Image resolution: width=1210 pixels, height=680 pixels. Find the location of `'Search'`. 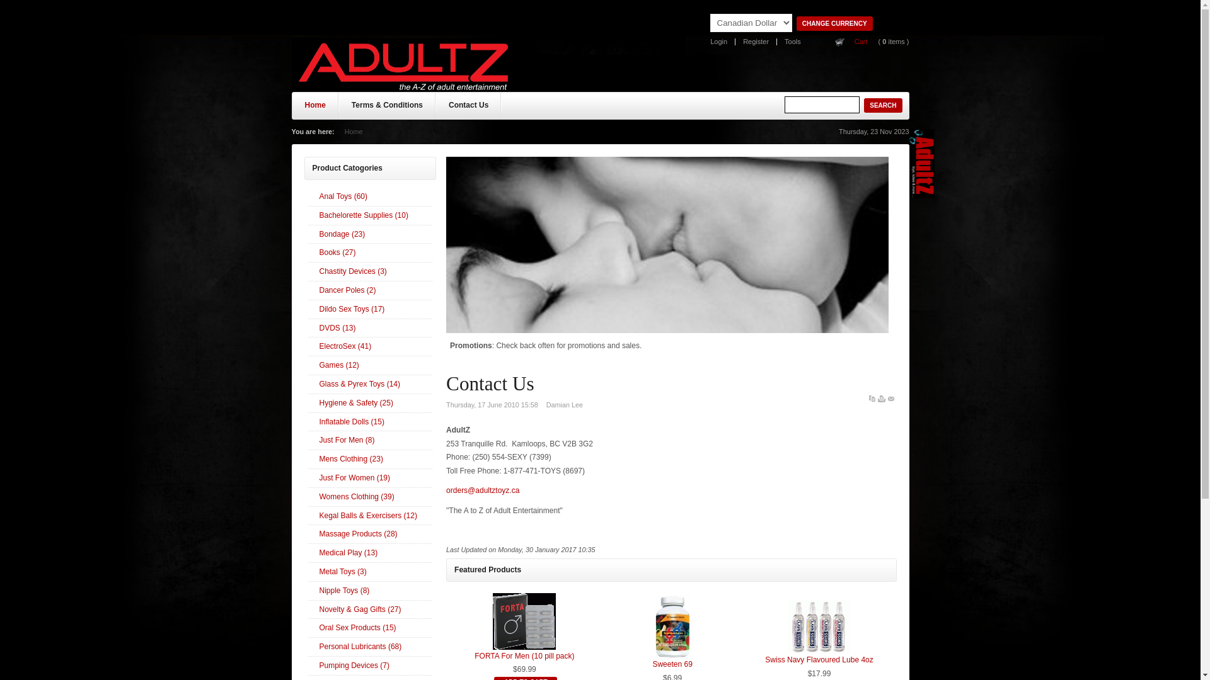

'Search' is located at coordinates (822, 104).